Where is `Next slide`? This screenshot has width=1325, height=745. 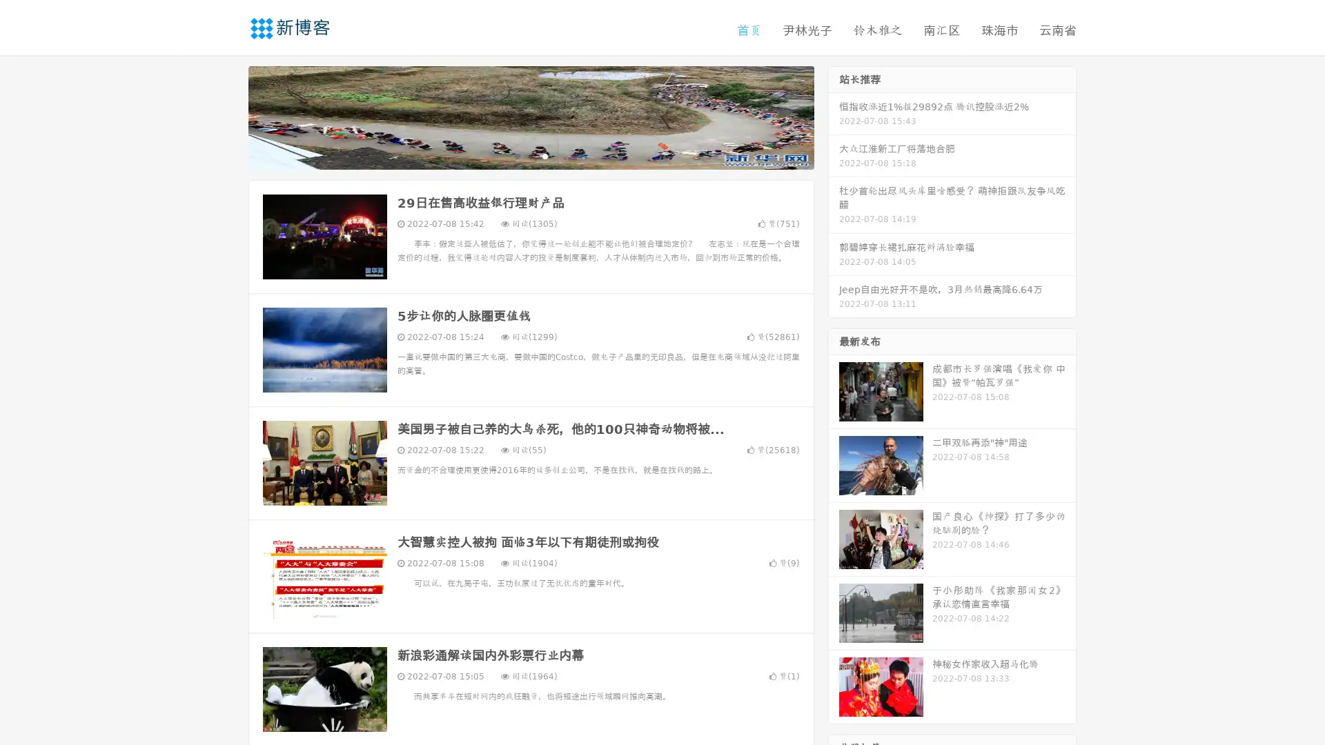
Next slide is located at coordinates (834, 116).